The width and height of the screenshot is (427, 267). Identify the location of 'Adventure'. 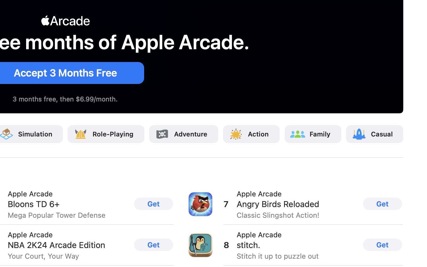
(190, 133).